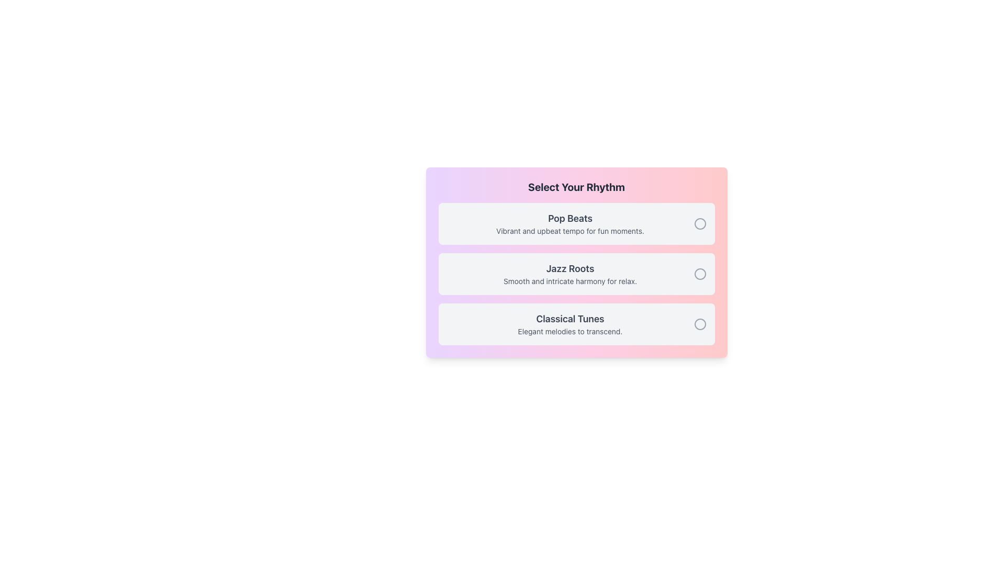 Image resolution: width=1005 pixels, height=565 pixels. I want to click on the inner circle of the Radio Button Indicator for the 'Jazz Roots' option, so click(700, 274).